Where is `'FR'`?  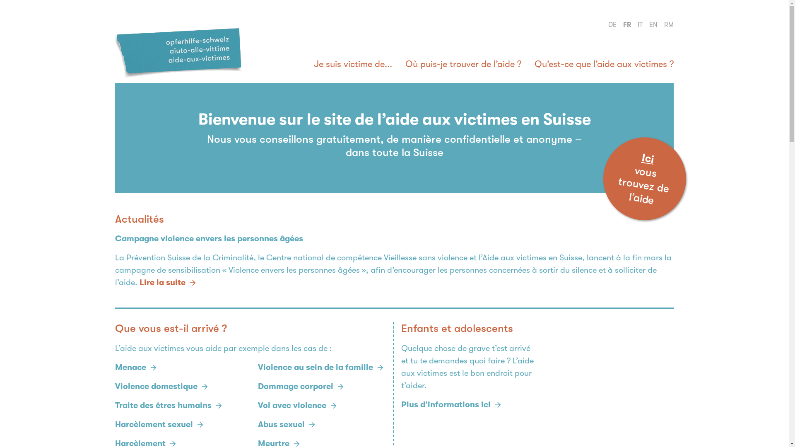
'FR' is located at coordinates (627, 24).